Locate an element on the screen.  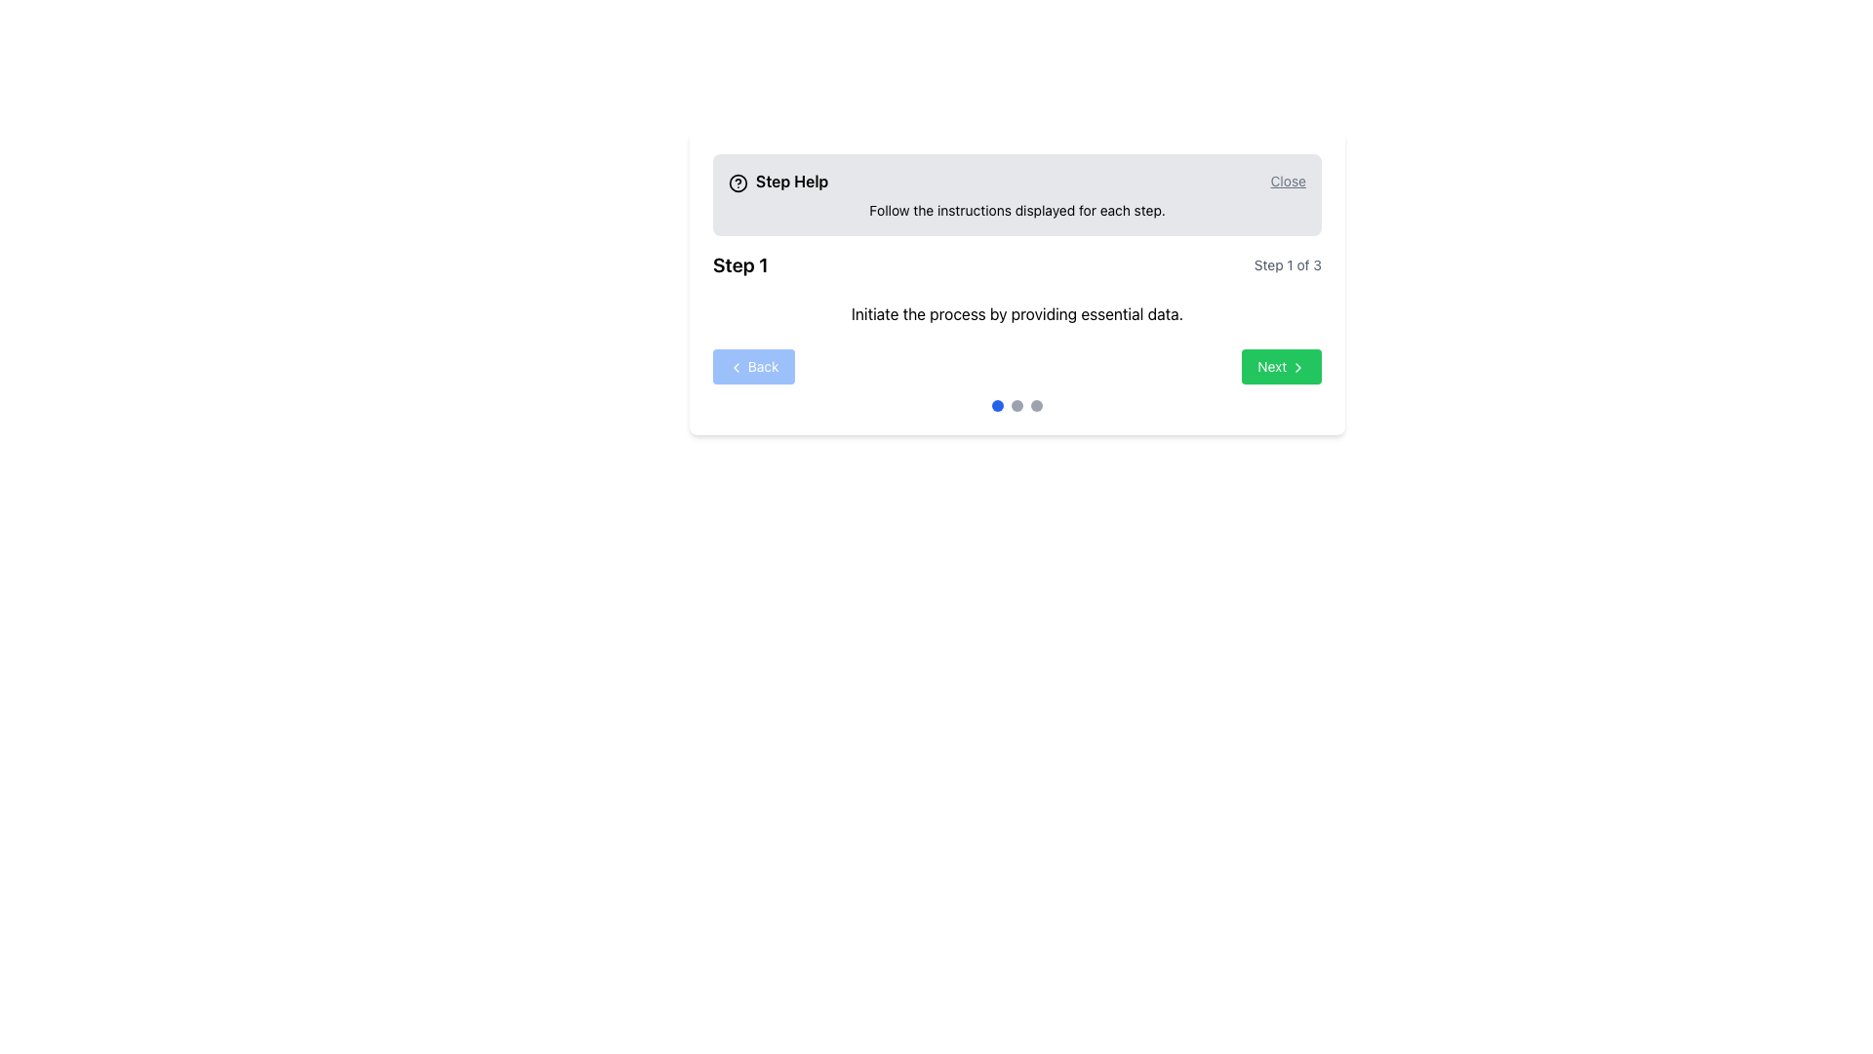
the third step progress indicator circle located at the bottom center of the modal displaying step instructions is located at coordinates (1035, 405).